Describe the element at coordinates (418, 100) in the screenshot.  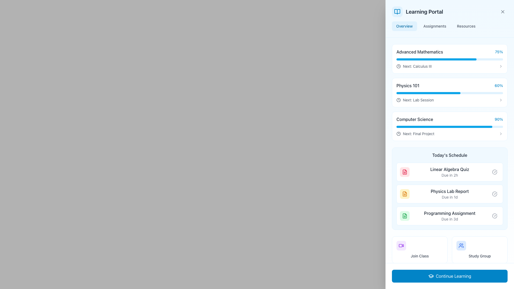
I see `the non-interactive text label indicating the next activity for the 'Physics 101' course, located in the right-hand sidebar below the '60%' progress bar` at that location.